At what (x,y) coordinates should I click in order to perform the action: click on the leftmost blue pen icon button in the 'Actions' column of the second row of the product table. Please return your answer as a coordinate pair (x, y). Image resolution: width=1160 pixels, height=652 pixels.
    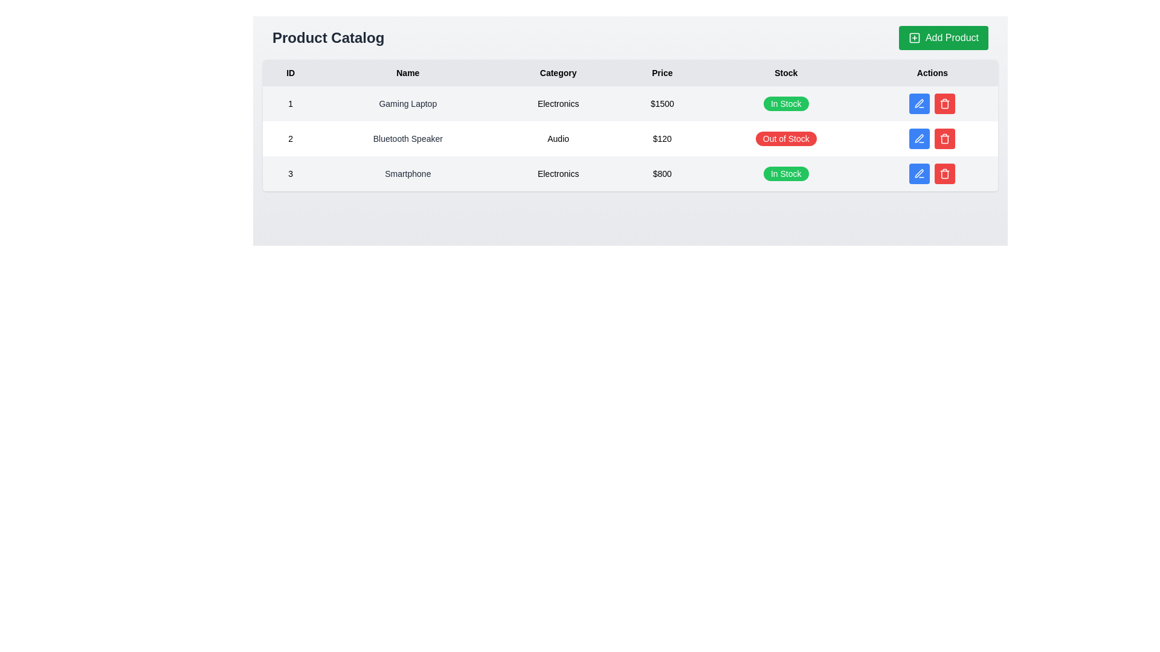
    Looking at the image, I should click on (919, 103).